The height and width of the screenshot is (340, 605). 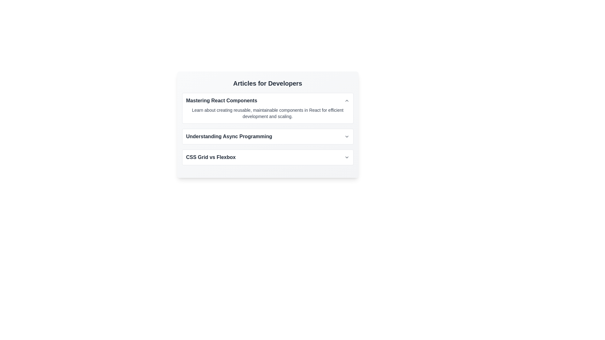 I want to click on the Collapsible Header with Title and Icon located below 'Articles for Developers', so click(x=268, y=136).